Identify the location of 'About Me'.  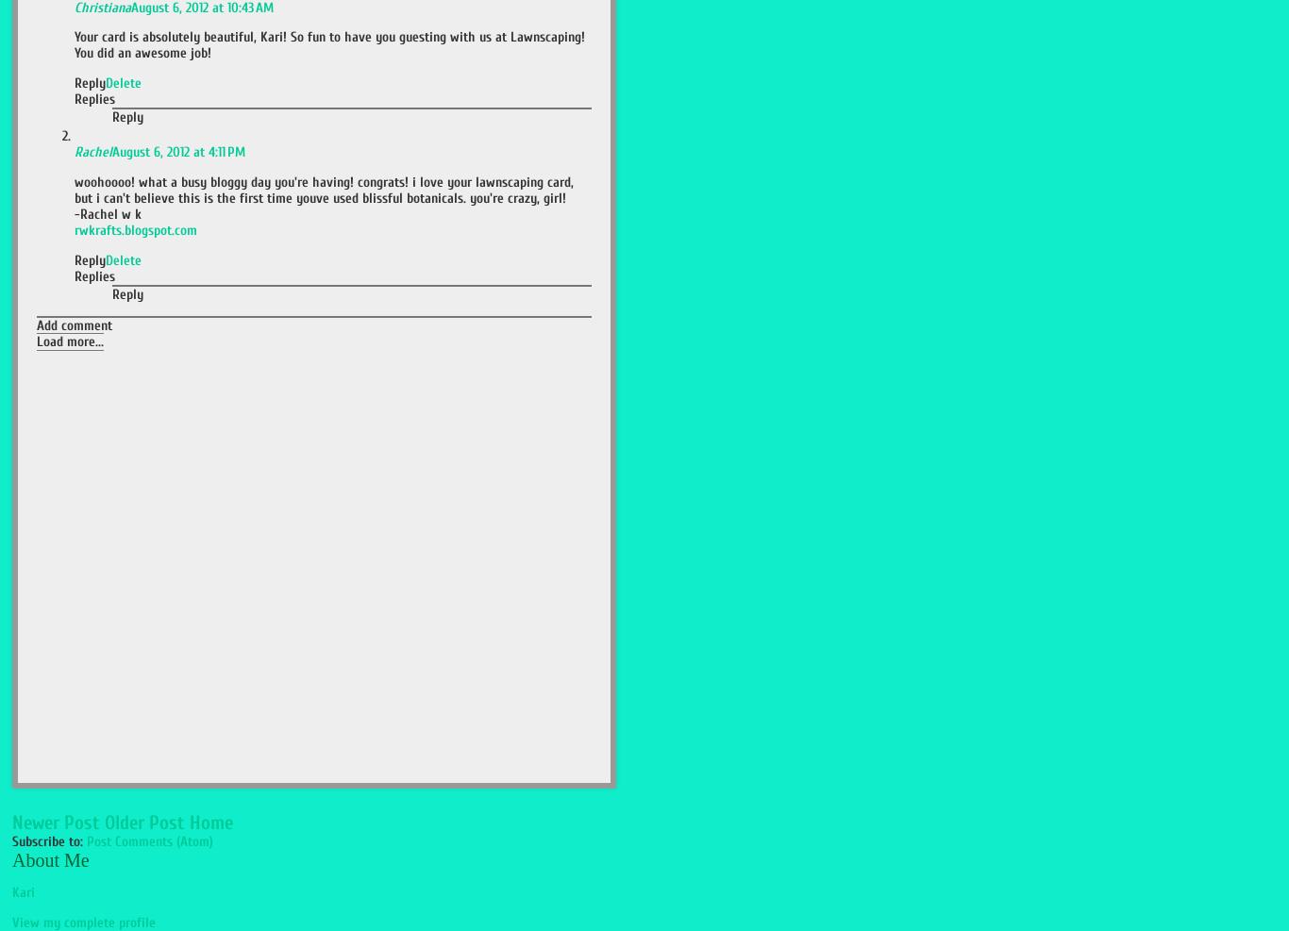
(11, 858).